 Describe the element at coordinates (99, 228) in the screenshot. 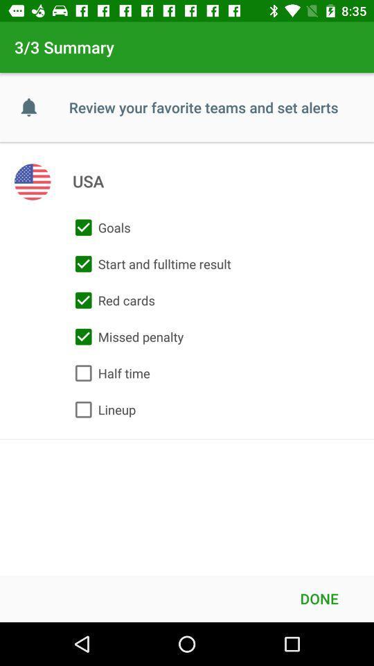

I see `item above the start and fulltime item` at that location.